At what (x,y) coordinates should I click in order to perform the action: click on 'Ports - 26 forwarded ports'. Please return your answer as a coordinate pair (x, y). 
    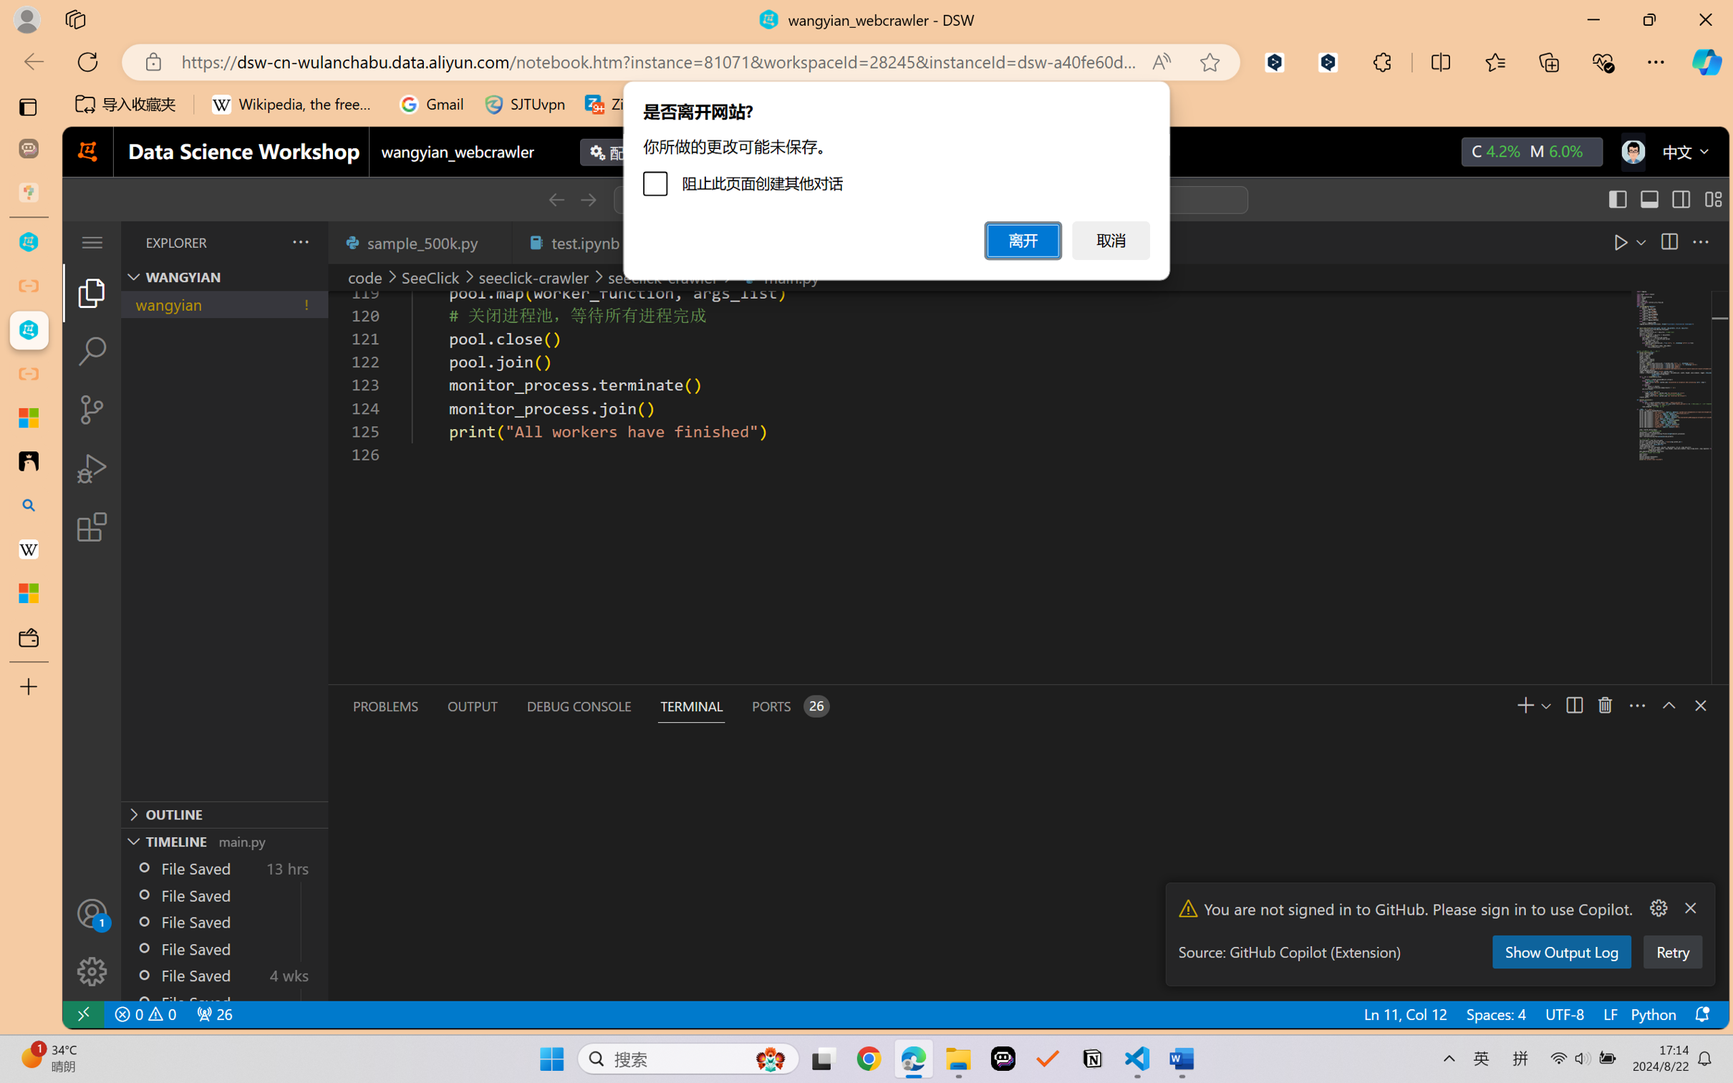
    Looking at the image, I should click on (788, 706).